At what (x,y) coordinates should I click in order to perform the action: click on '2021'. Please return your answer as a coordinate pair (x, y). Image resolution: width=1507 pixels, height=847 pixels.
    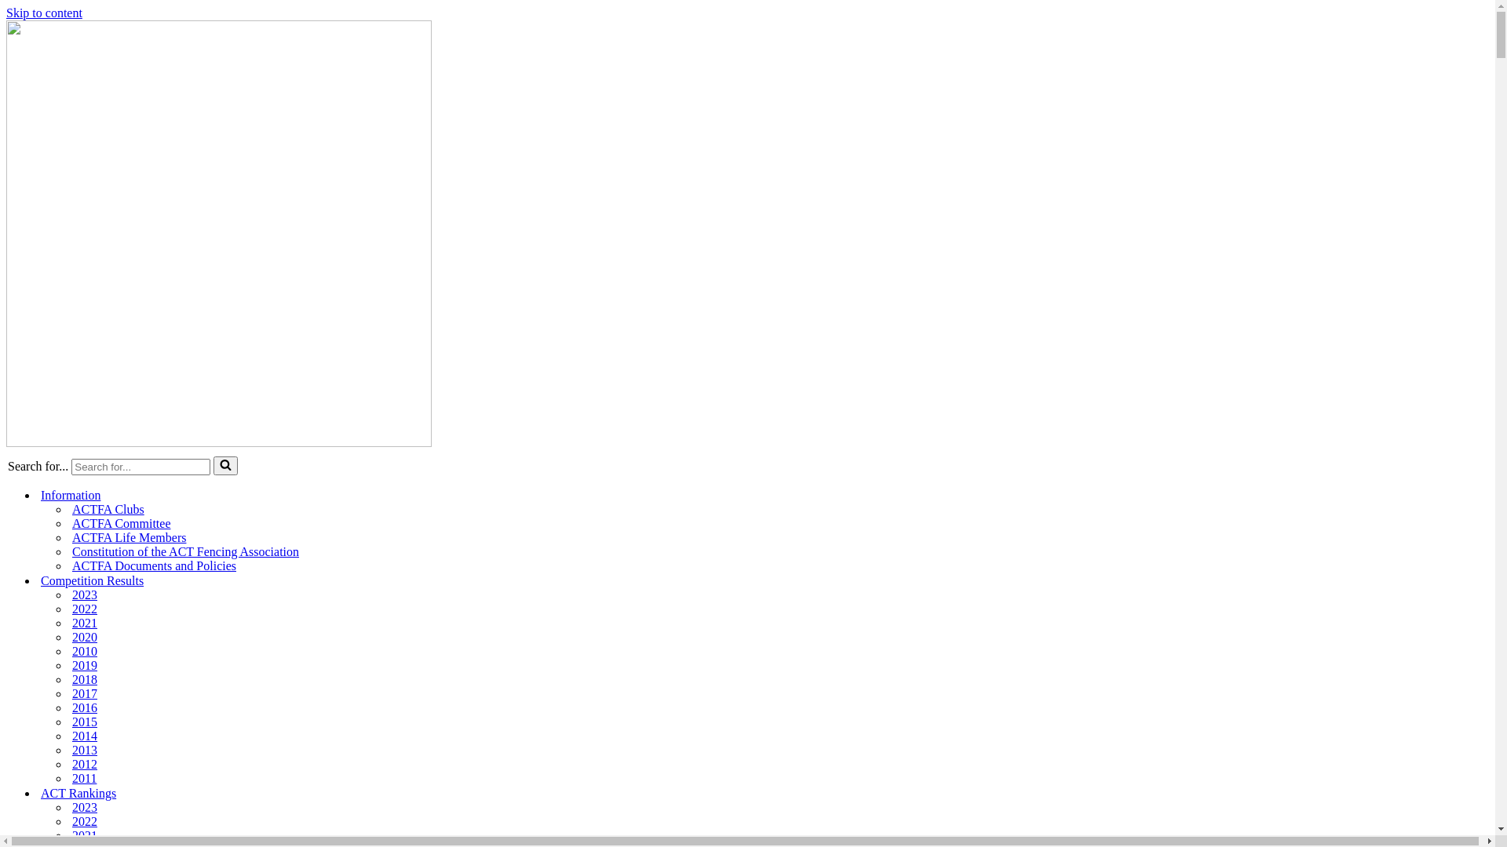
    Looking at the image, I should click on (71, 834).